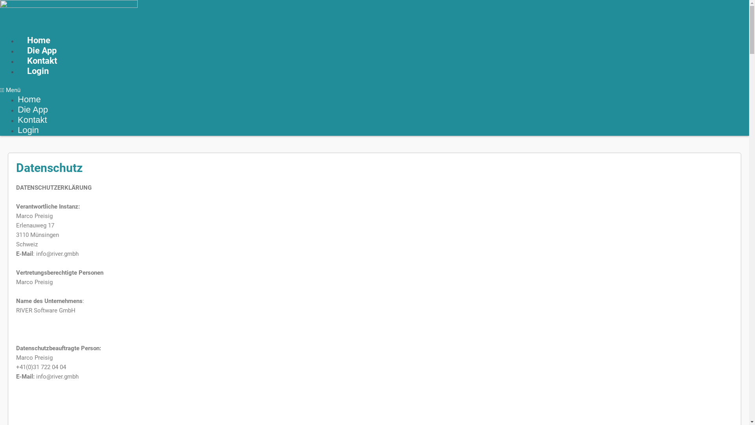 The image size is (755, 425). What do you see at coordinates (32, 120) in the screenshot?
I see `'Kontakt'` at bounding box center [32, 120].